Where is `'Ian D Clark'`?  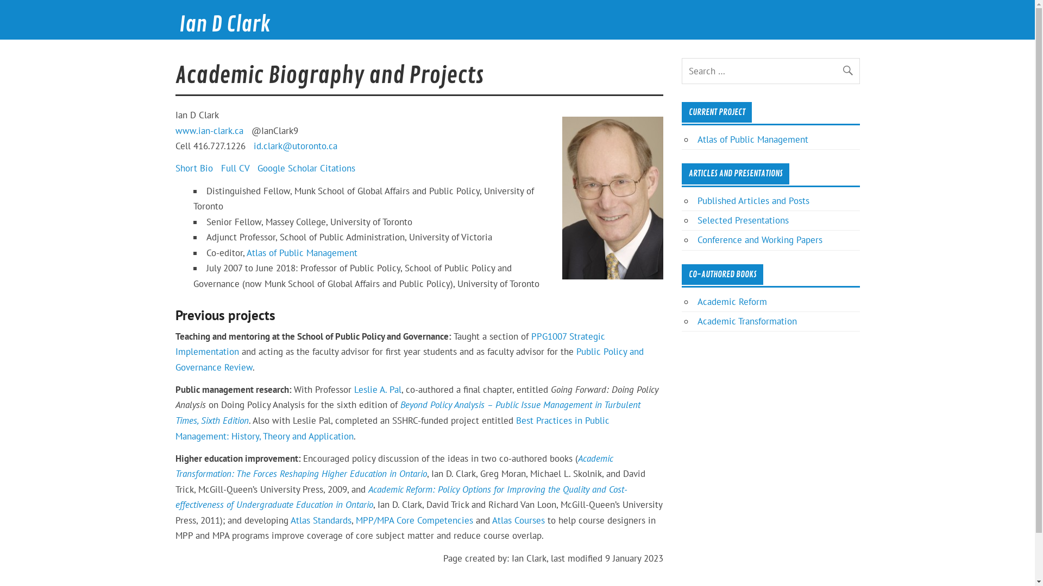 'Ian D Clark' is located at coordinates (224, 24).